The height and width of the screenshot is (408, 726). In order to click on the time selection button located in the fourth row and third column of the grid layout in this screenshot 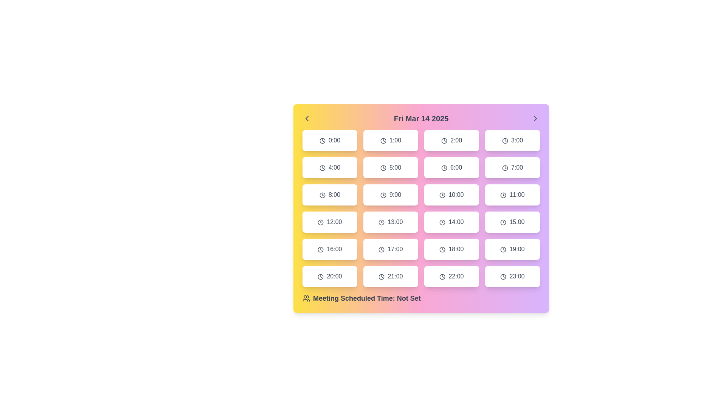, I will do `click(451, 249)`.